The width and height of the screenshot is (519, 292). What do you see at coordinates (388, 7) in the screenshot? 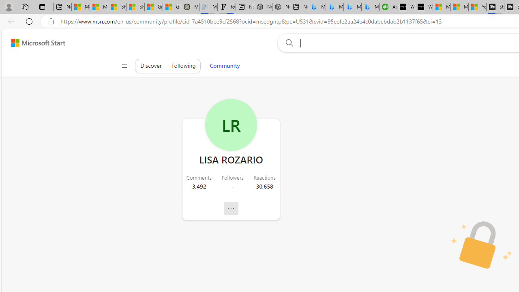
I see `'Accounting Software for Accountants, CPAs and Bookkeepers'` at bounding box center [388, 7].